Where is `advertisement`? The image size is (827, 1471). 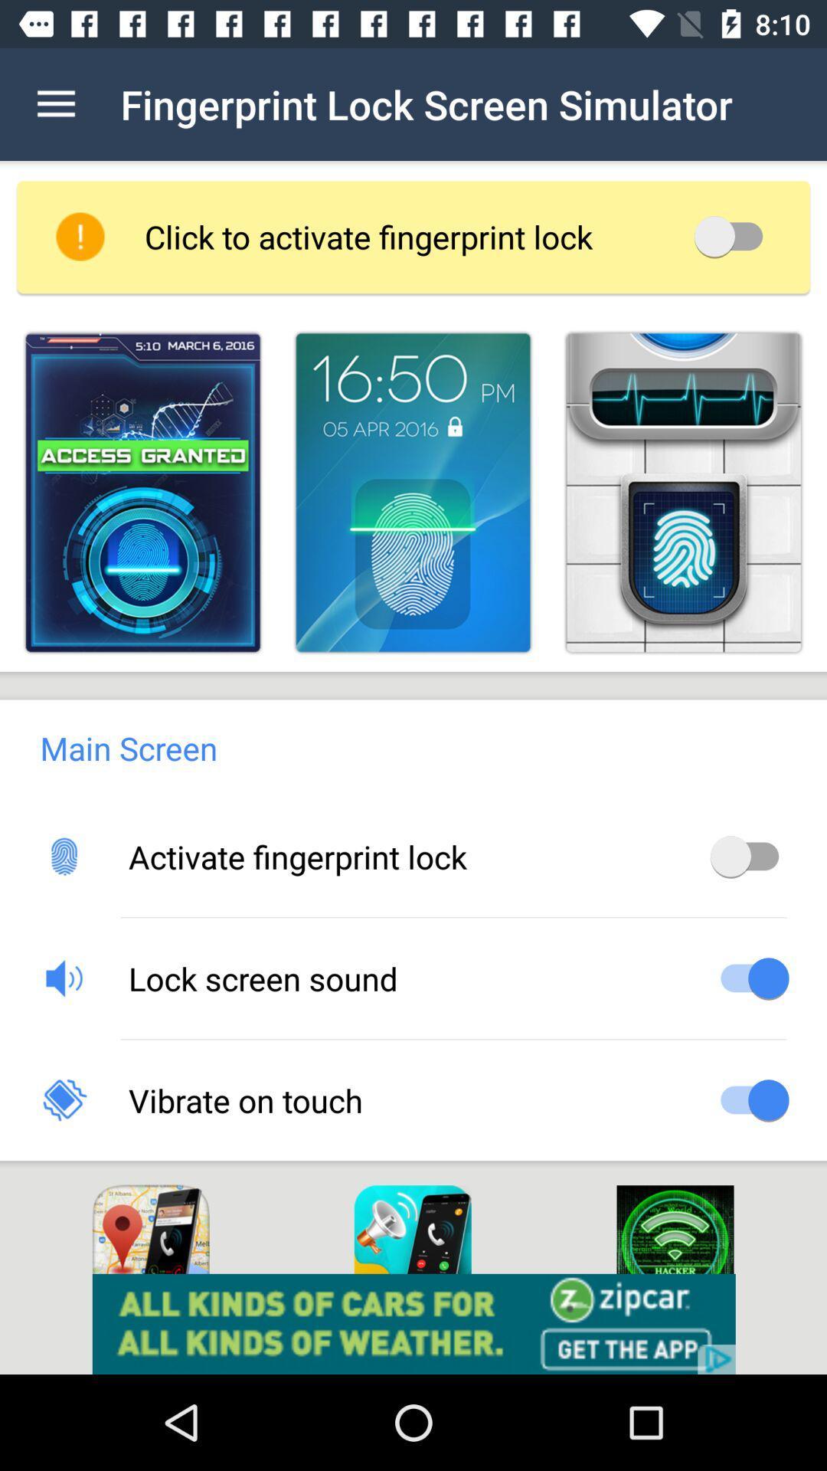
advertisement is located at coordinates (413, 1323).